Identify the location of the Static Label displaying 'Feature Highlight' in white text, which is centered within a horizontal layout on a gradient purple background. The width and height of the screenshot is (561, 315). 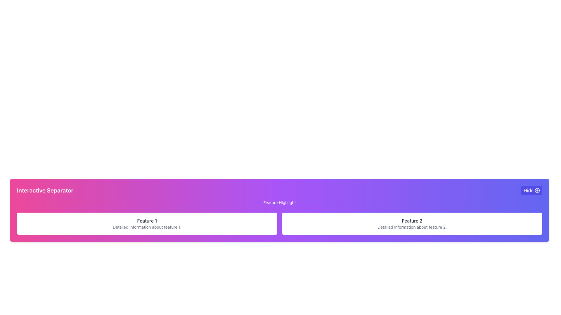
(279, 202).